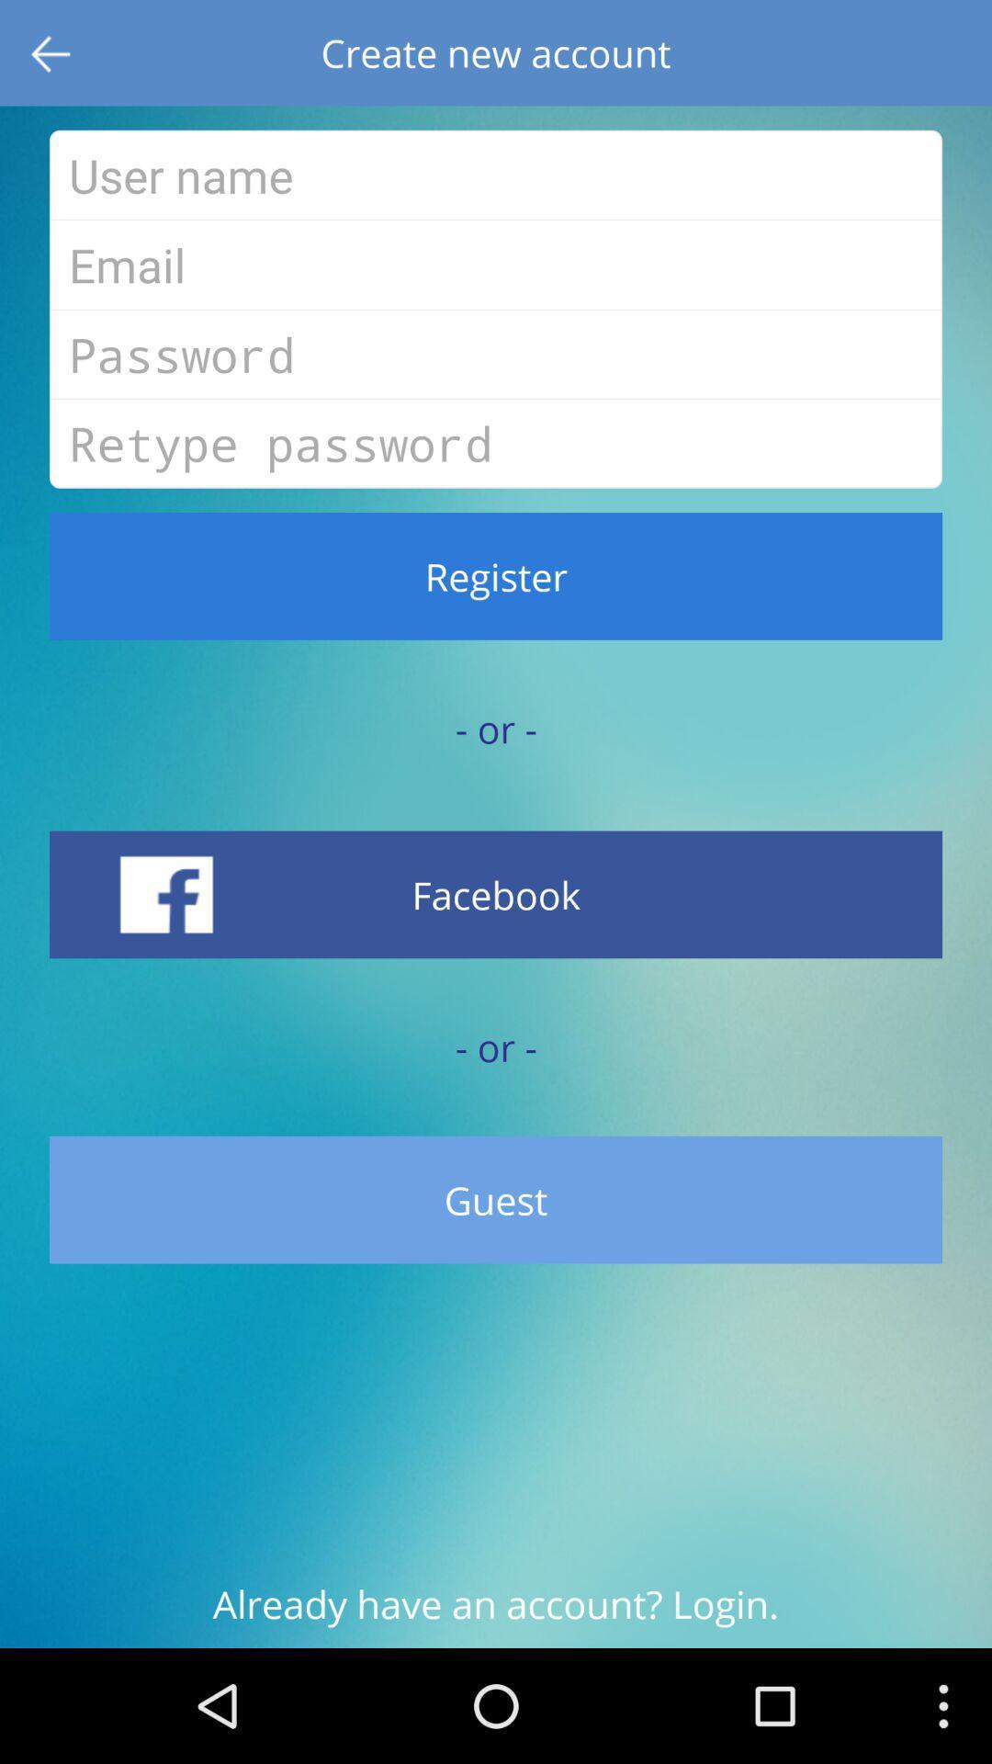 This screenshot has width=992, height=1764. Describe the element at coordinates (496, 895) in the screenshot. I see `the facebook at the bottom of the page` at that location.